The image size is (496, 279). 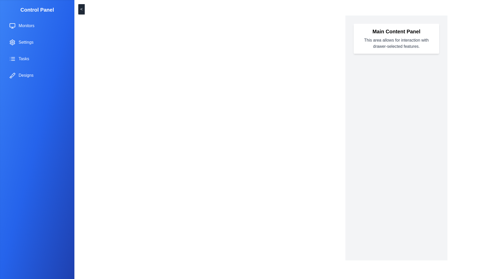 What do you see at coordinates (81, 9) in the screenshot?
I see `the toggle button to change the drawer's visibility` at bounding box center [81, 9].